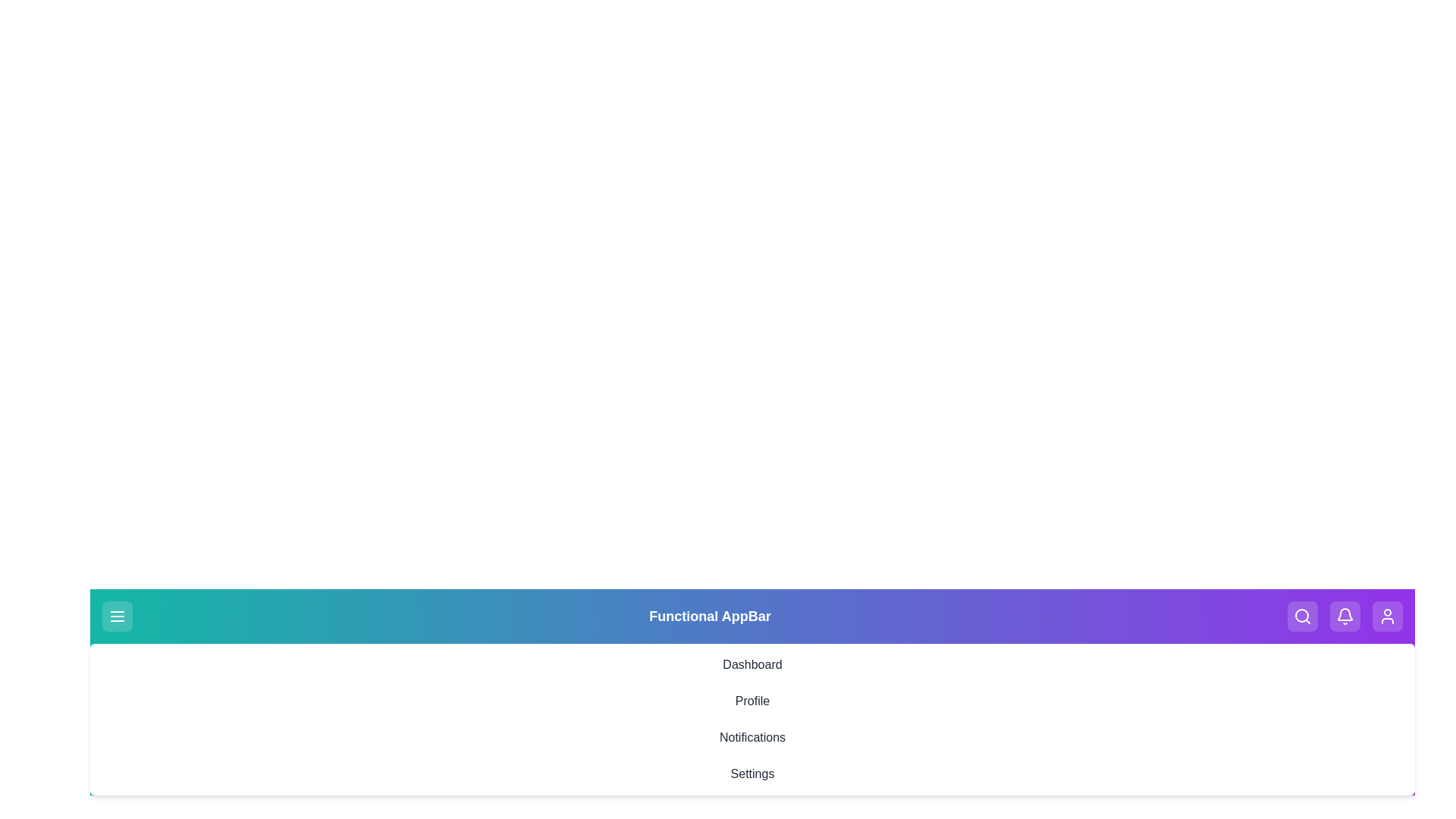 This screenshot has height=819, width=1456. I want to click on the Notifications button in the AppBar, so click(1345, 617).